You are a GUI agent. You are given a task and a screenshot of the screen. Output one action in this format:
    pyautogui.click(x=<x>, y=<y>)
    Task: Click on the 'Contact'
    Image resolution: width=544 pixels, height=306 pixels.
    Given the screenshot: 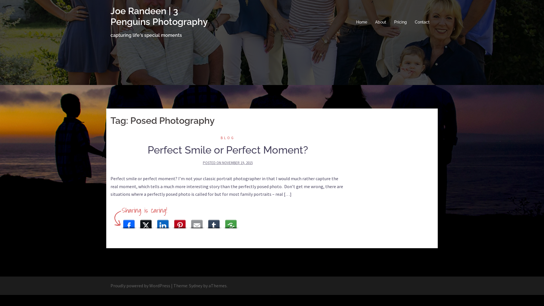 What is the action you would take?
    pyautogui.click(x=422, y=22)
    